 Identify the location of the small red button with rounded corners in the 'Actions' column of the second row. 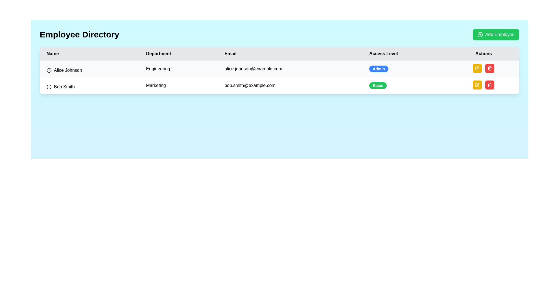
(489, 68).